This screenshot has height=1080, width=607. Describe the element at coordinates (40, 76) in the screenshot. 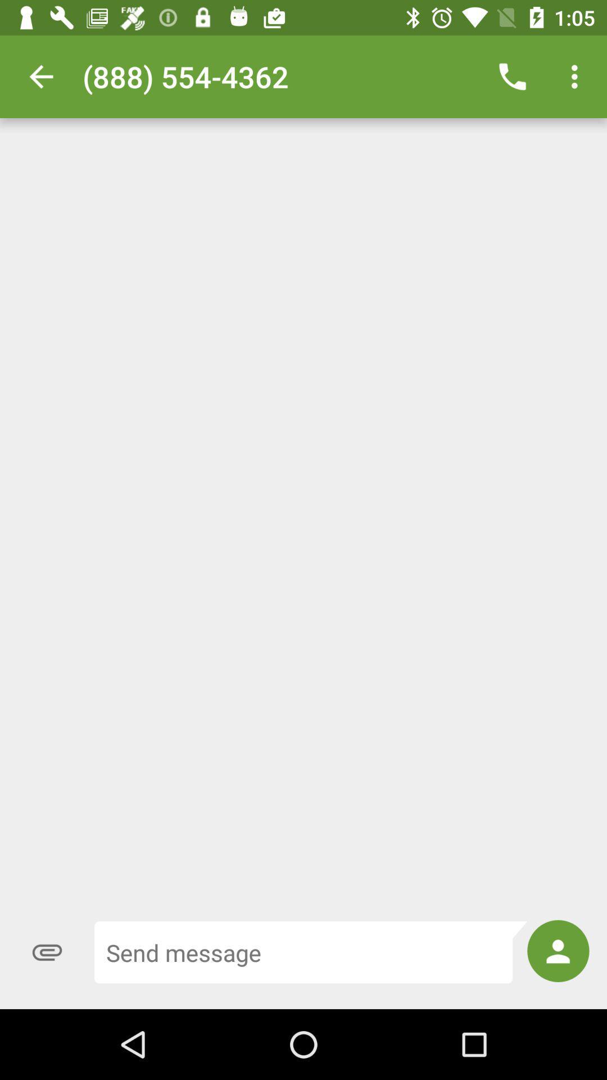

I see `the item to the left of the (888) 554-4362 icon` at that location.